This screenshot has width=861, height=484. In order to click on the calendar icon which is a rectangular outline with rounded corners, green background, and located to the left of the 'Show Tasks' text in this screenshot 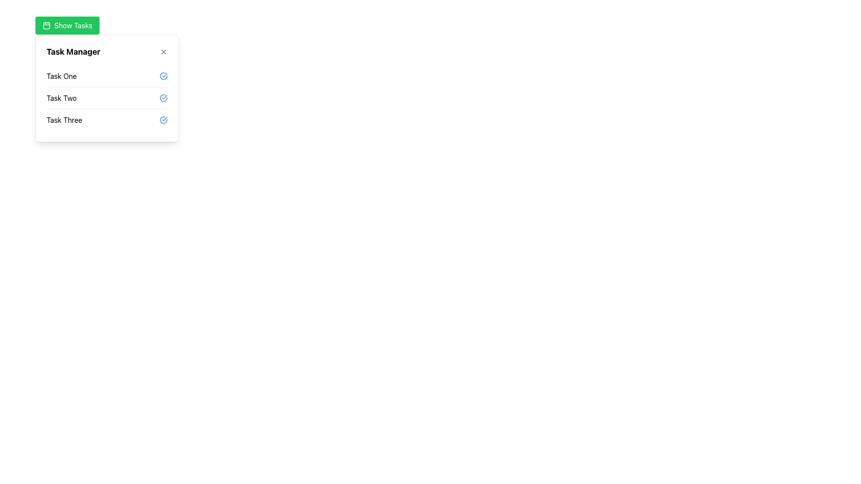, I will do `click(46, 25)`.